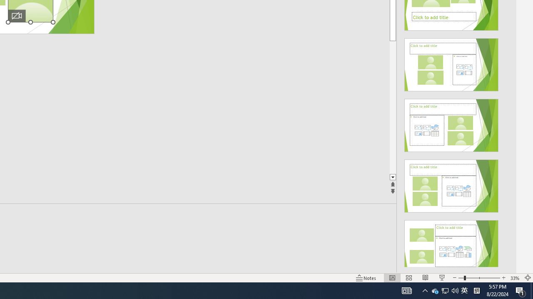  What do you see at coordinates (515, 278) in the screenshot?
I see `'Zoom 33%'` at bounding box center [515, 278].